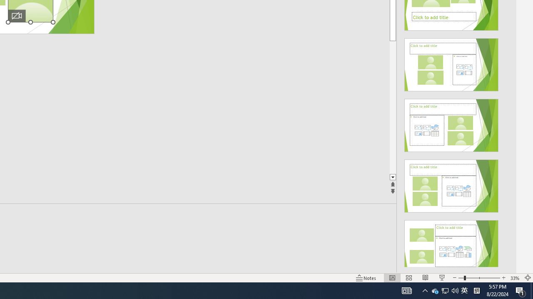  What do you see at coordinates (515, 278) in the screenshot?
I see `'Zoom 33%'` at bounding box center [515, 278].